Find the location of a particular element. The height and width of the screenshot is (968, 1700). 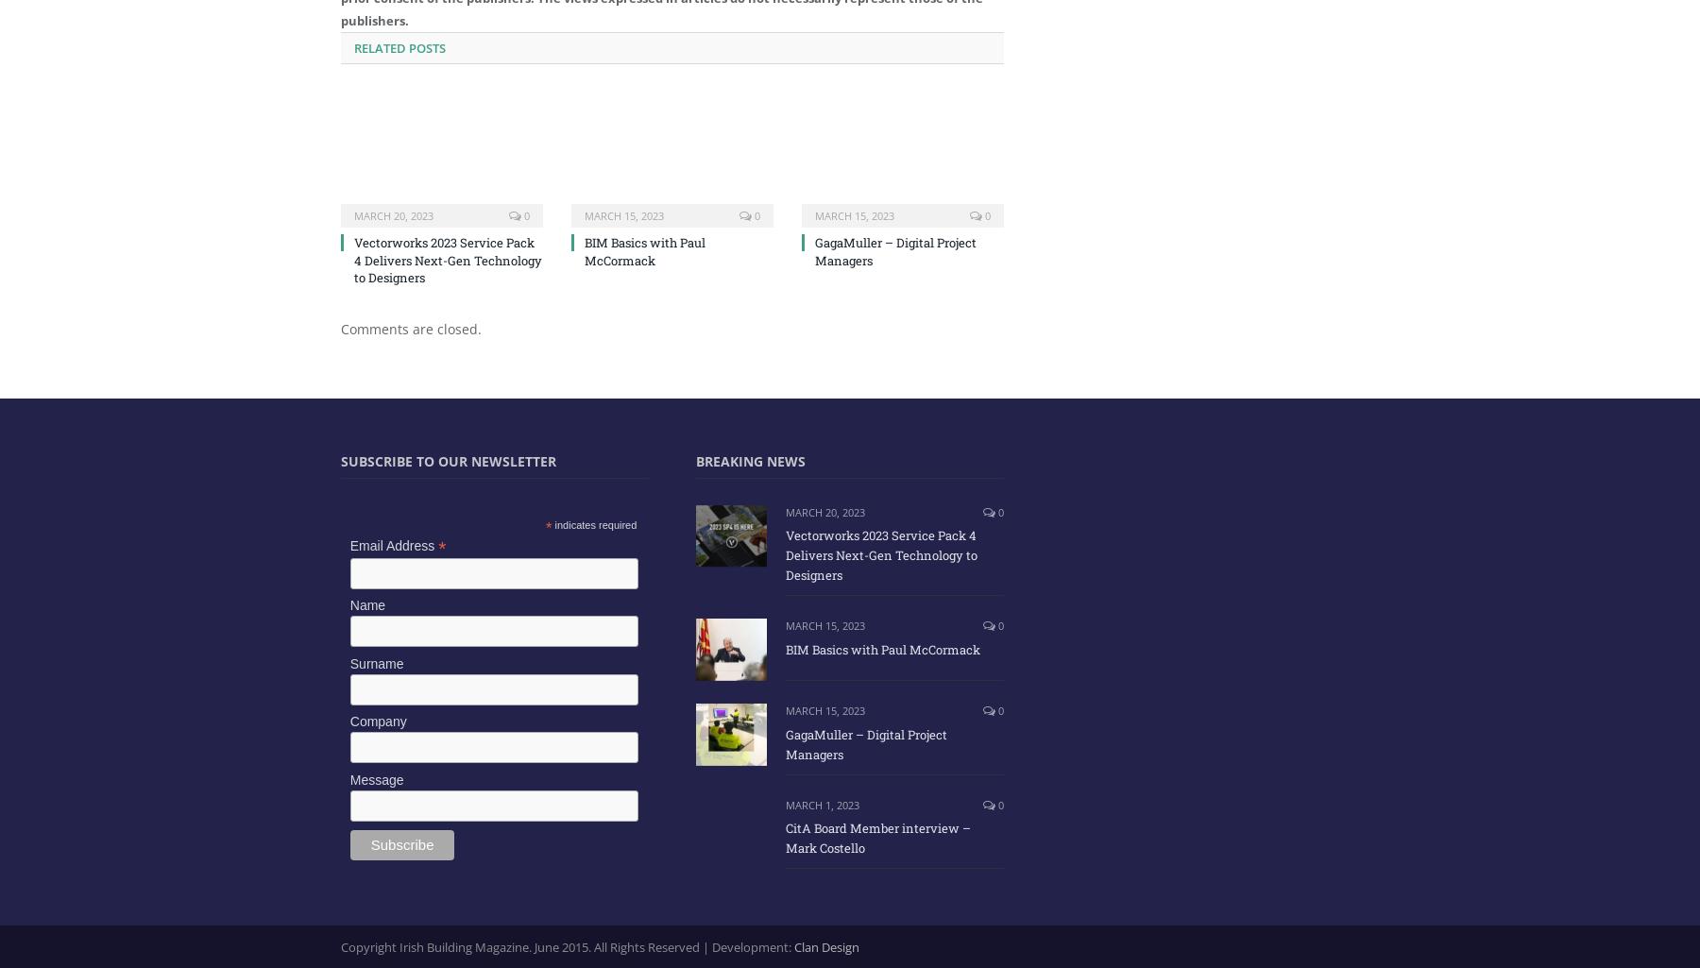

'Email Address' is located at coordinates (394, 544).